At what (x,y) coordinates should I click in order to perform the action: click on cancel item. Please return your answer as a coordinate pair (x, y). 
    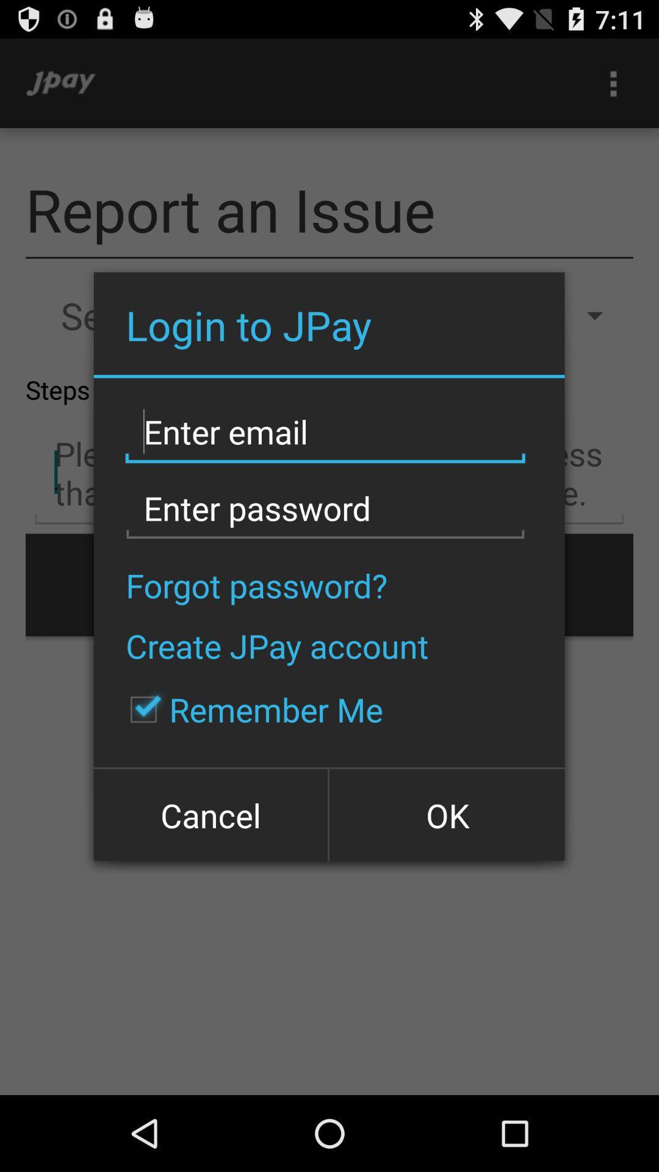
    Looking at the image, I should click on (211, 814).